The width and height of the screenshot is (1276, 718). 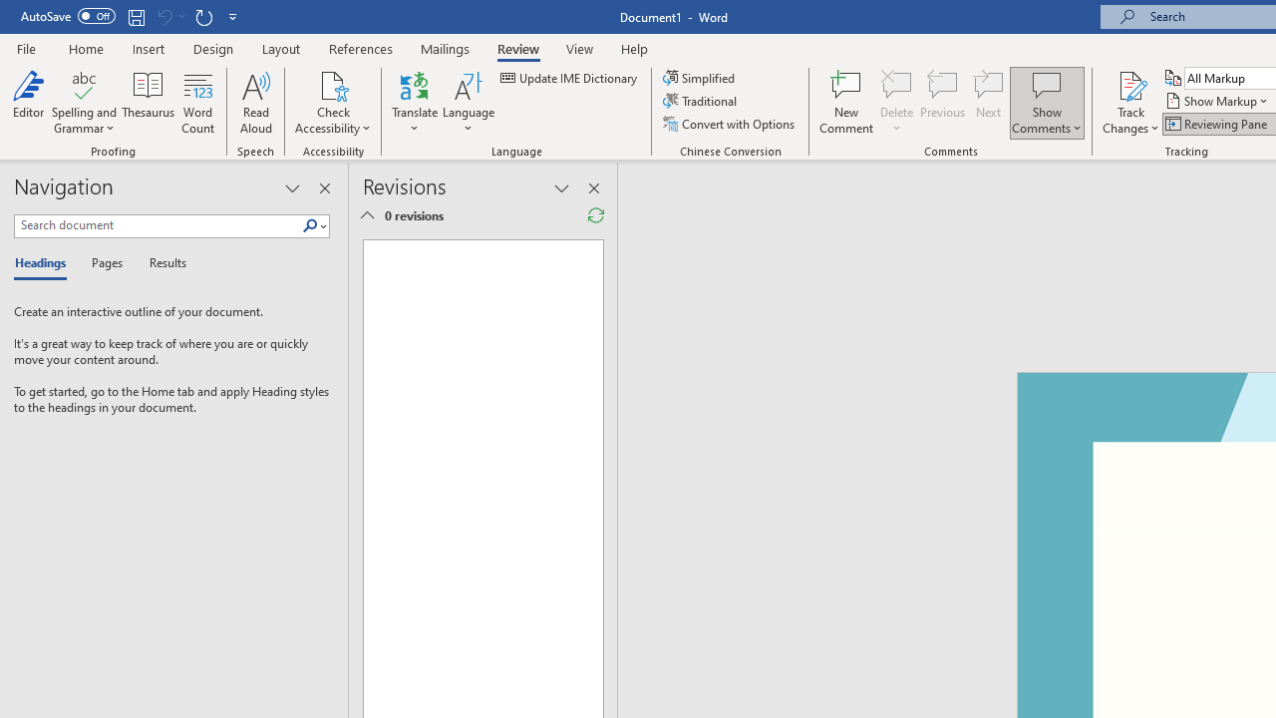 I want to click on 'Task Pane Options', so click(x=291, y=188).